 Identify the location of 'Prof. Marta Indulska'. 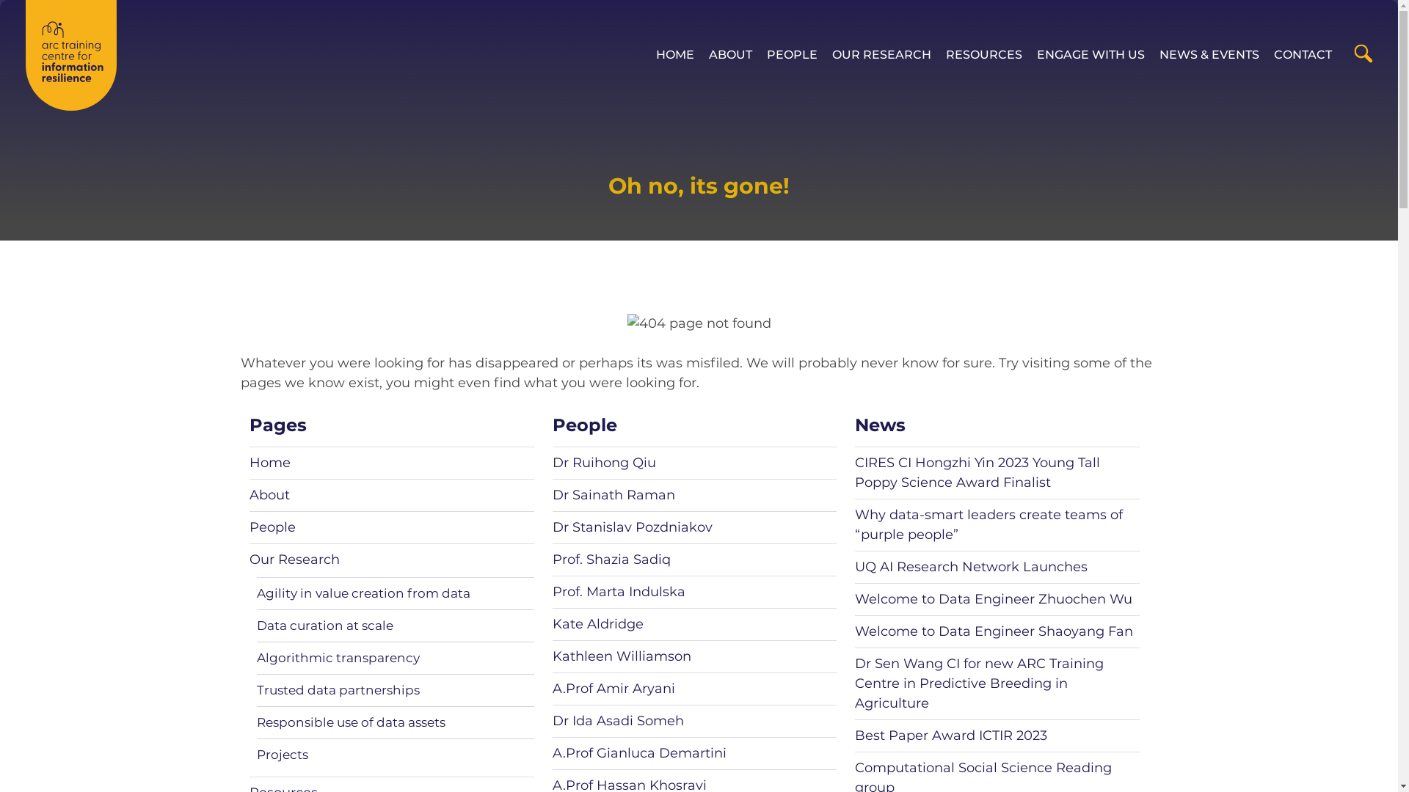
(618, 590).